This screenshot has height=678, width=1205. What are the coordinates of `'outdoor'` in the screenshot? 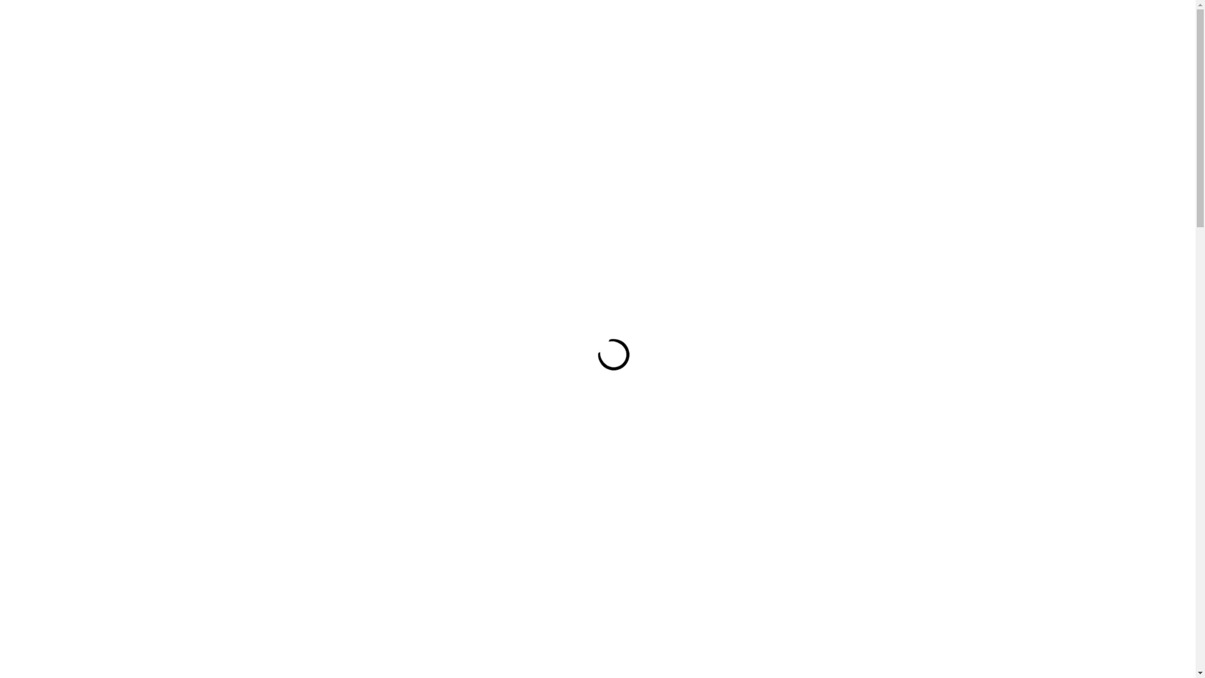 It's located at (289, 294).